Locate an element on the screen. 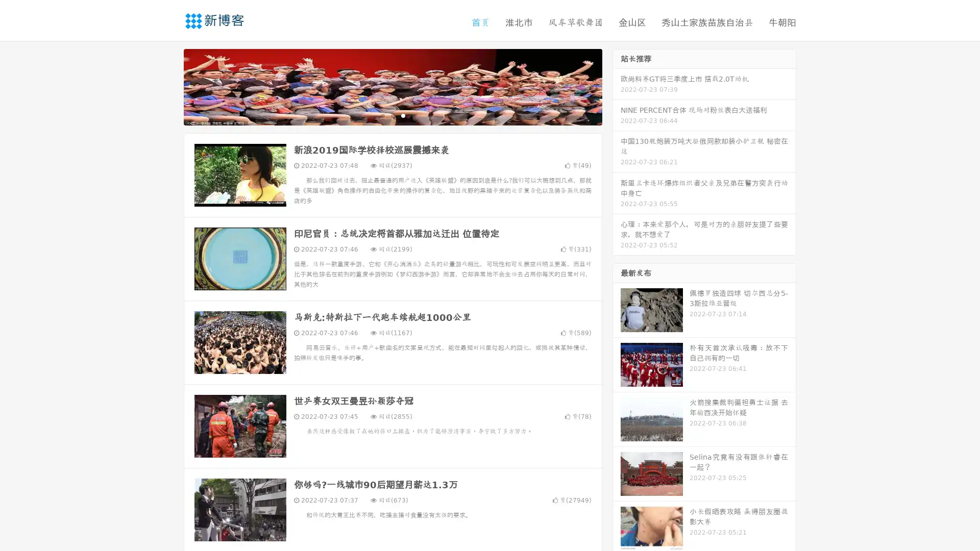 The width and height of the screenshot is (980, 551). Next slide is located at coordinates (617, 86).